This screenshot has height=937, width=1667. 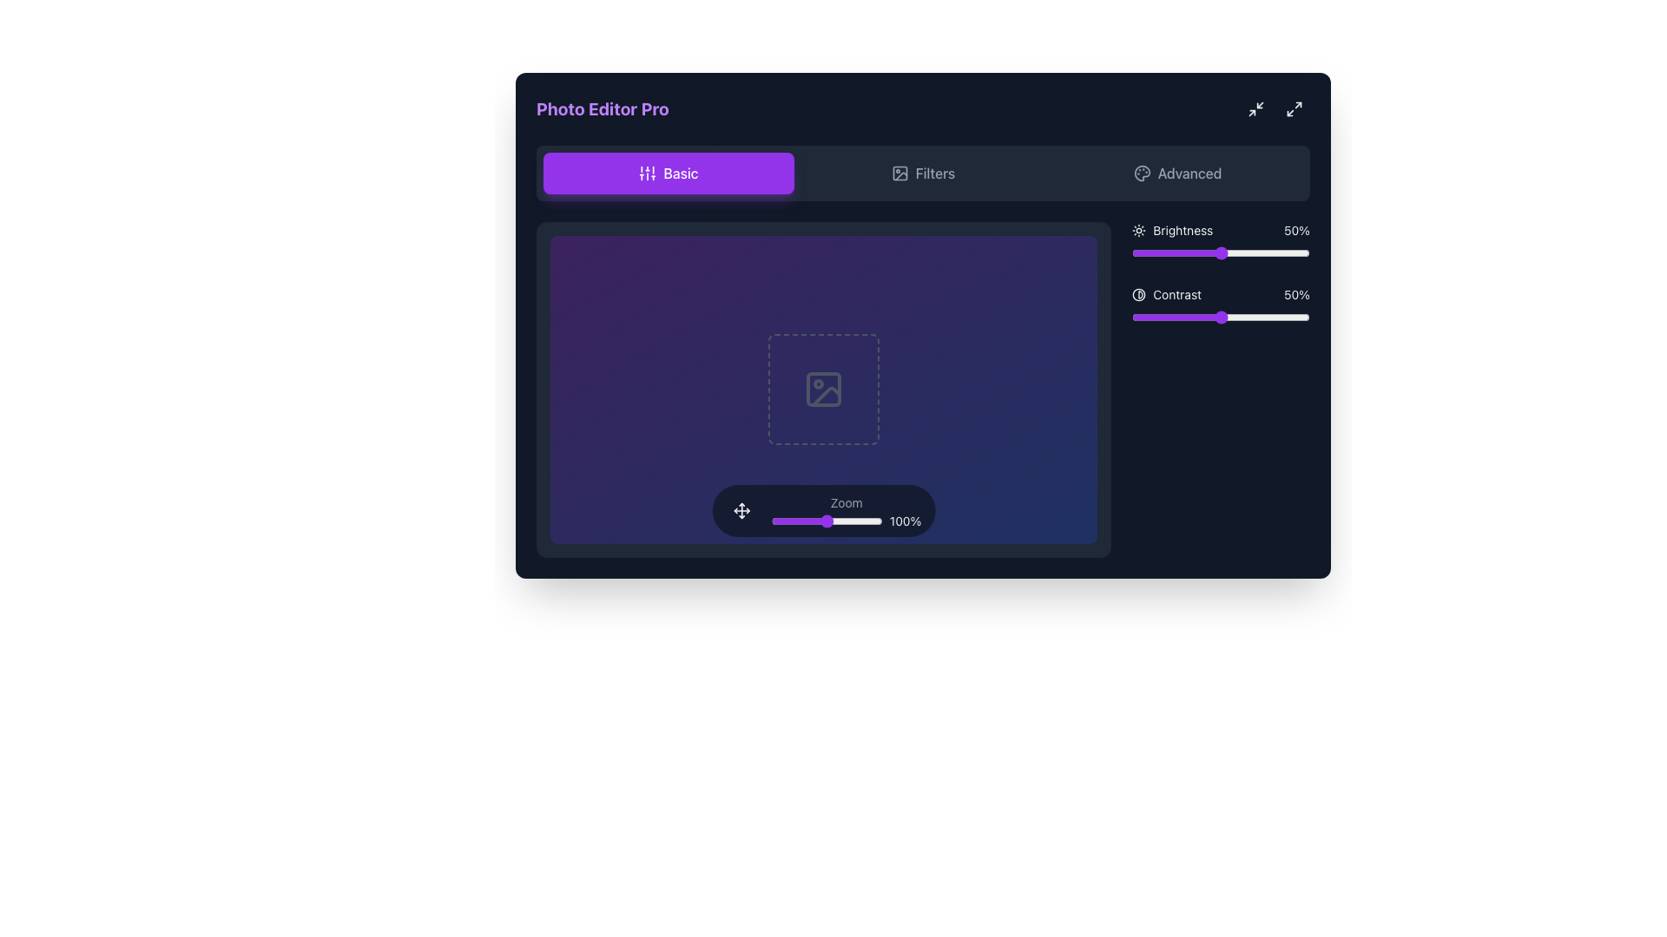 What do you see at coordinates (1296, 293) in the screenshot?
I see `value displayed in the text label showing '50%' located at the right end of the 'Contrast' slider in the sidebar of the UI` at bounding box center [1296, 293].